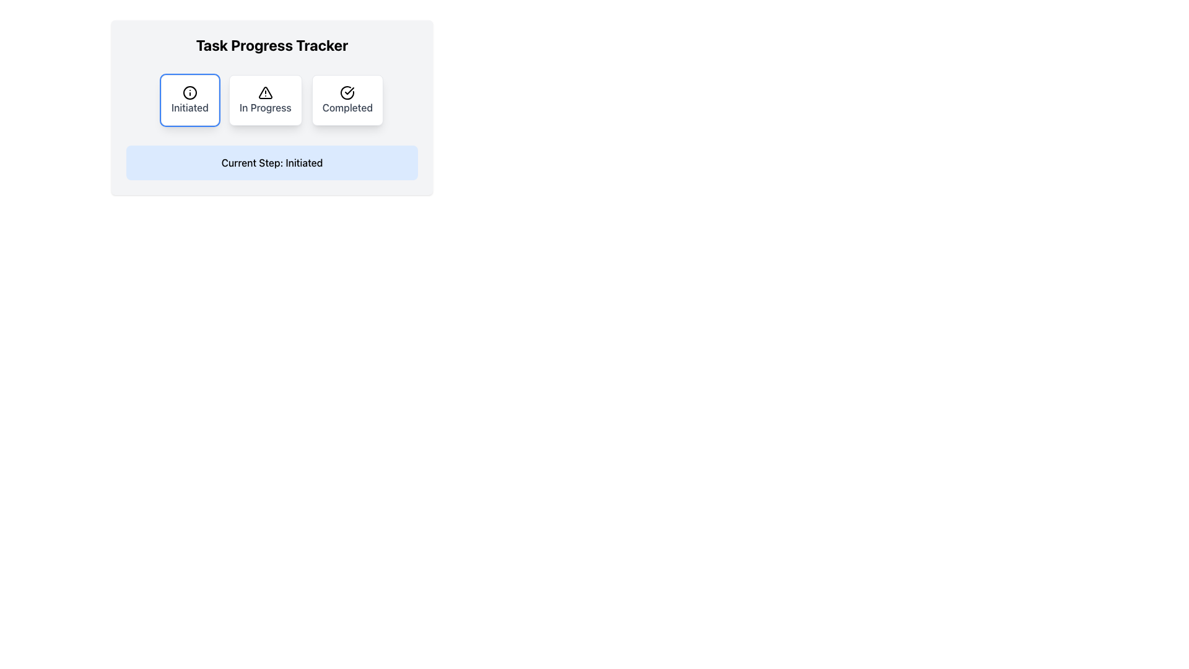 This screenshot has width=1189, height=669. What do you see at coordinates (347, 100) in the screenshot?
I see `the 'Completed' indicator, which consists of the text 'Completed' below a circular check symbol icon, and is the third item in the horizontal list under the 'Task Progress Tracker' heading` at bounding box center [347, 100].